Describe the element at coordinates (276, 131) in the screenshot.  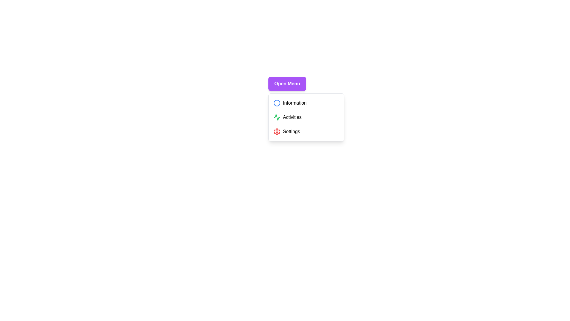
I see `the menu item with the icon of color red` at that location.